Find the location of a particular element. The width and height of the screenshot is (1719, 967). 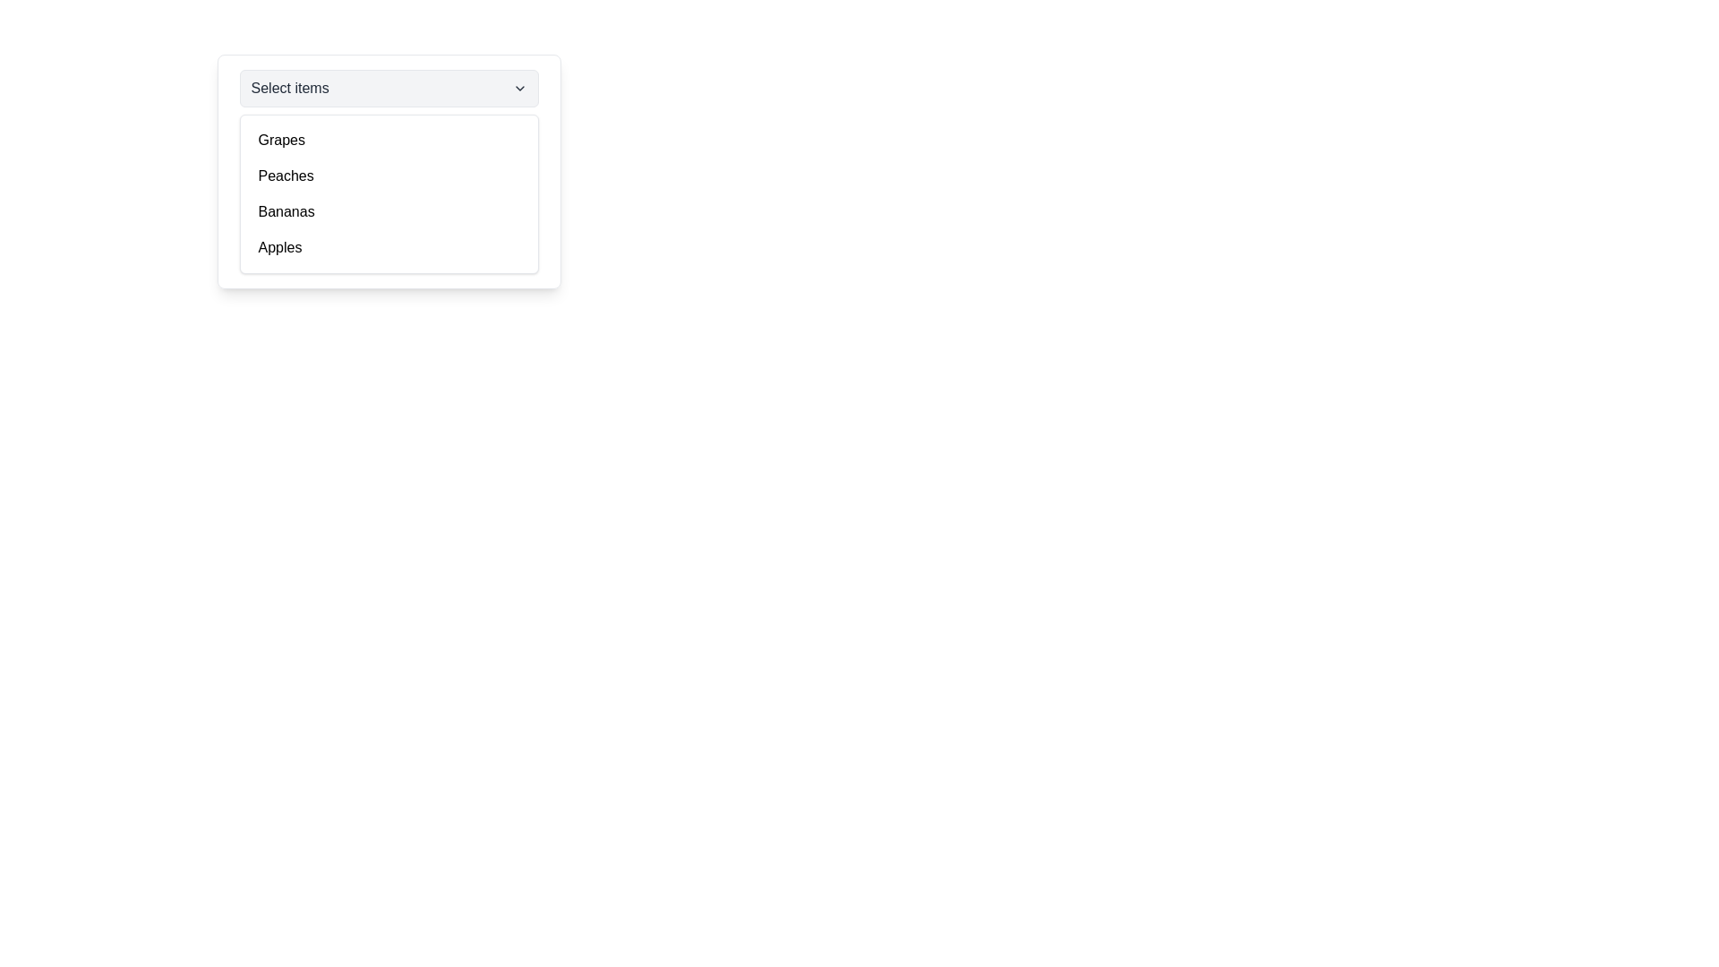

the 'Peaches' option in the dropdown list is located at coordinates (285, 175).